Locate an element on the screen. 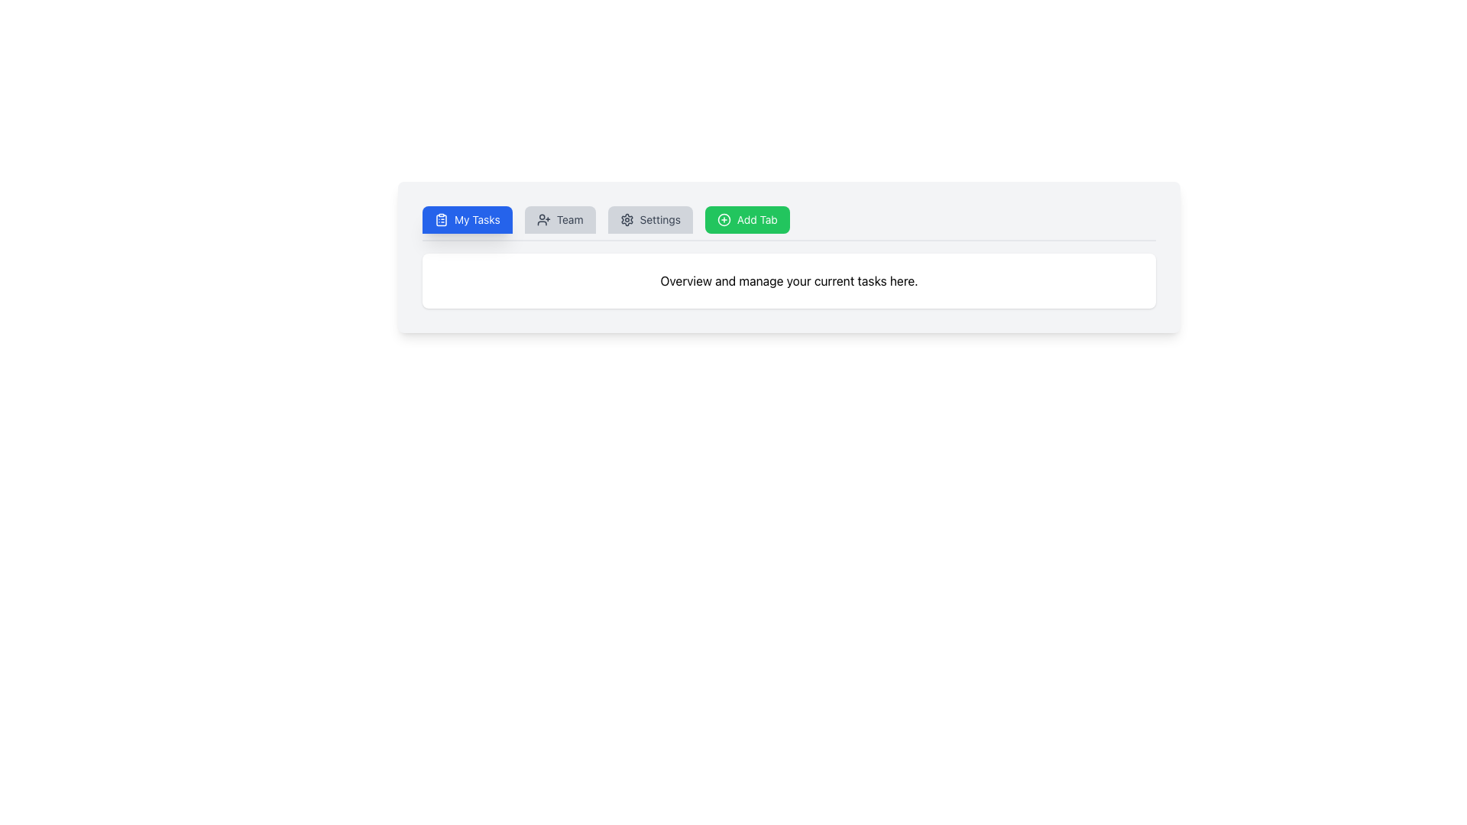 The image size is (1467, 825). the 'Settings' icon in the navigation bar, which is located between the 'Team' button and the 'Add Tab' button is located at coordinates (627, 220).